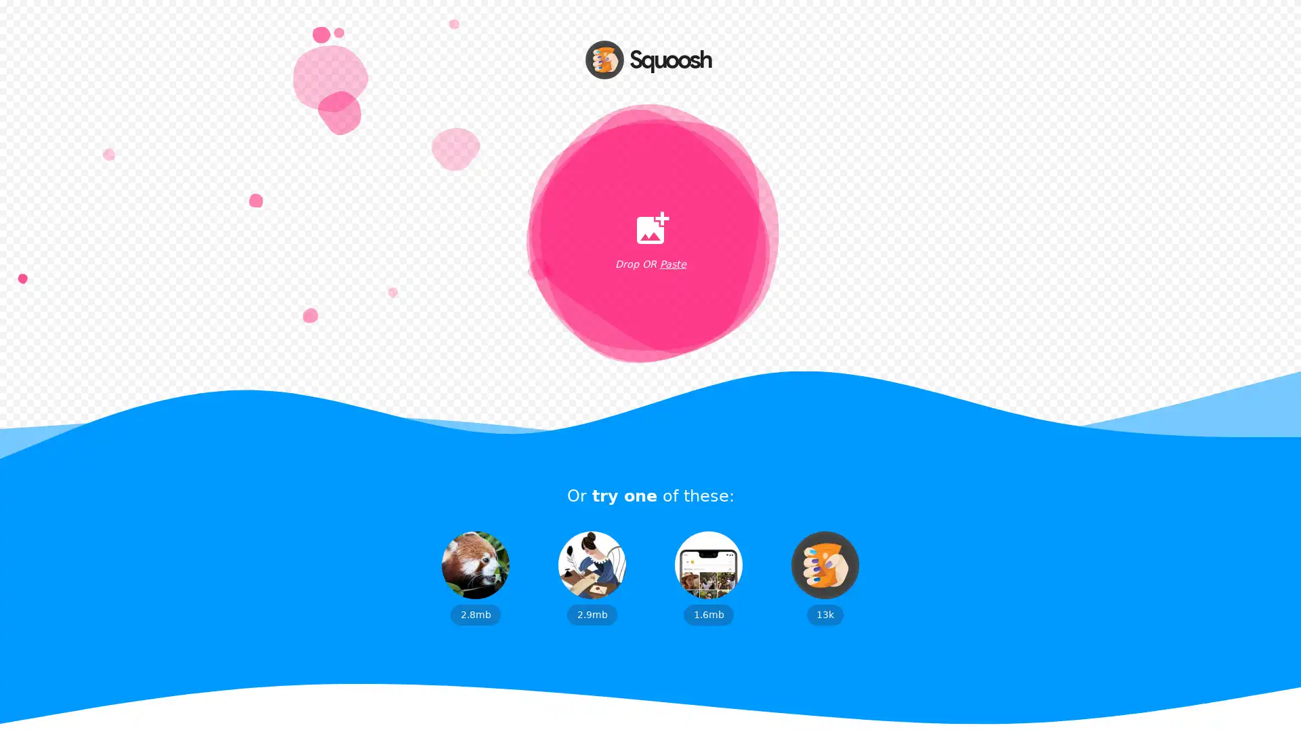  I want to click on Artwork 2.9mb, so click(592, 577).